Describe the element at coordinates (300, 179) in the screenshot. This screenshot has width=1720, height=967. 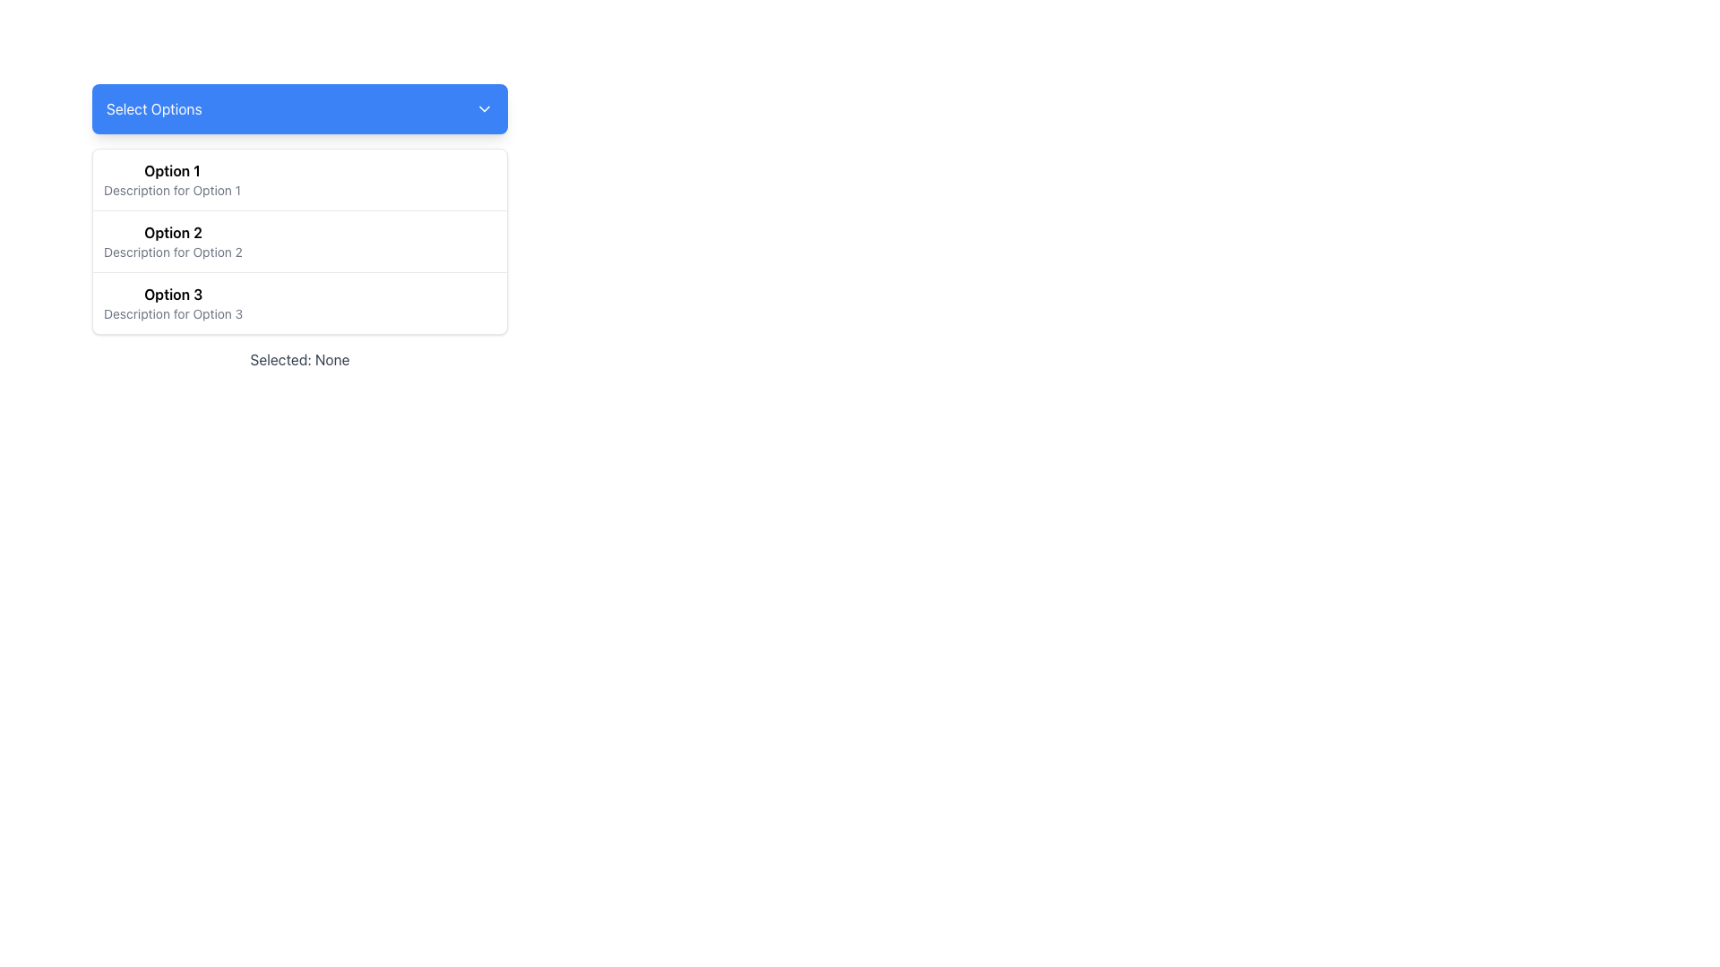
I see `the first list item with the bold title 'Option 1' and description 'Description for Option 1'` at that location.